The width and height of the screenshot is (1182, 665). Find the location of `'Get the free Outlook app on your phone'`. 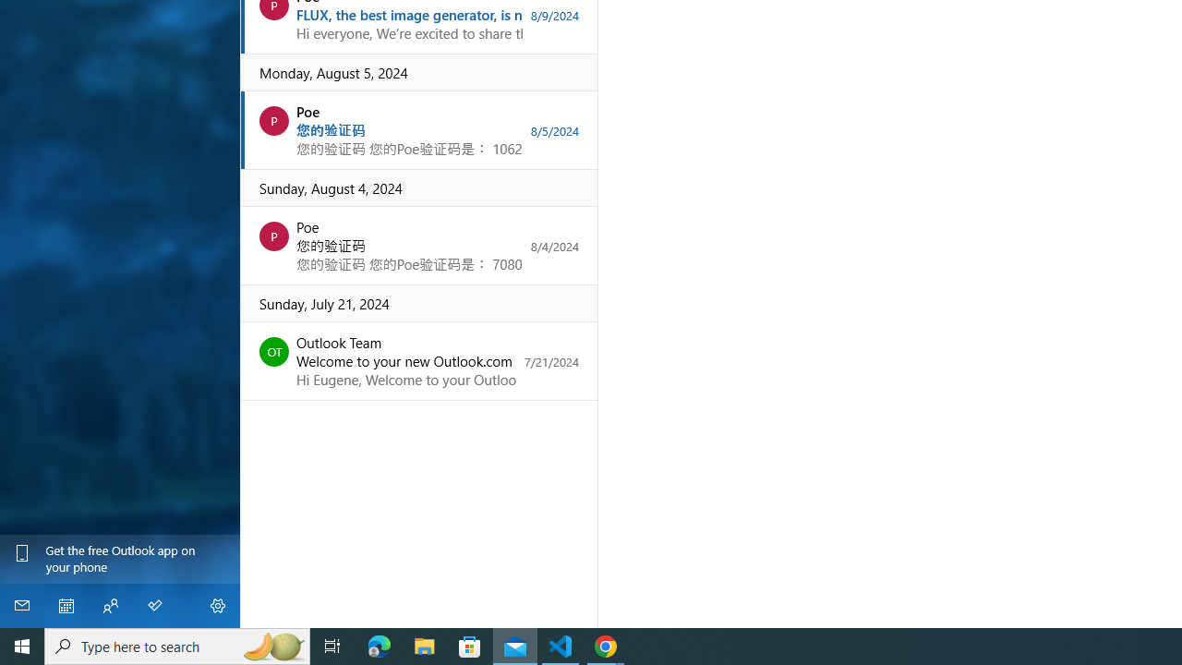

'Get the free Outlook app on your phone' is located at coordinates (118, 558).